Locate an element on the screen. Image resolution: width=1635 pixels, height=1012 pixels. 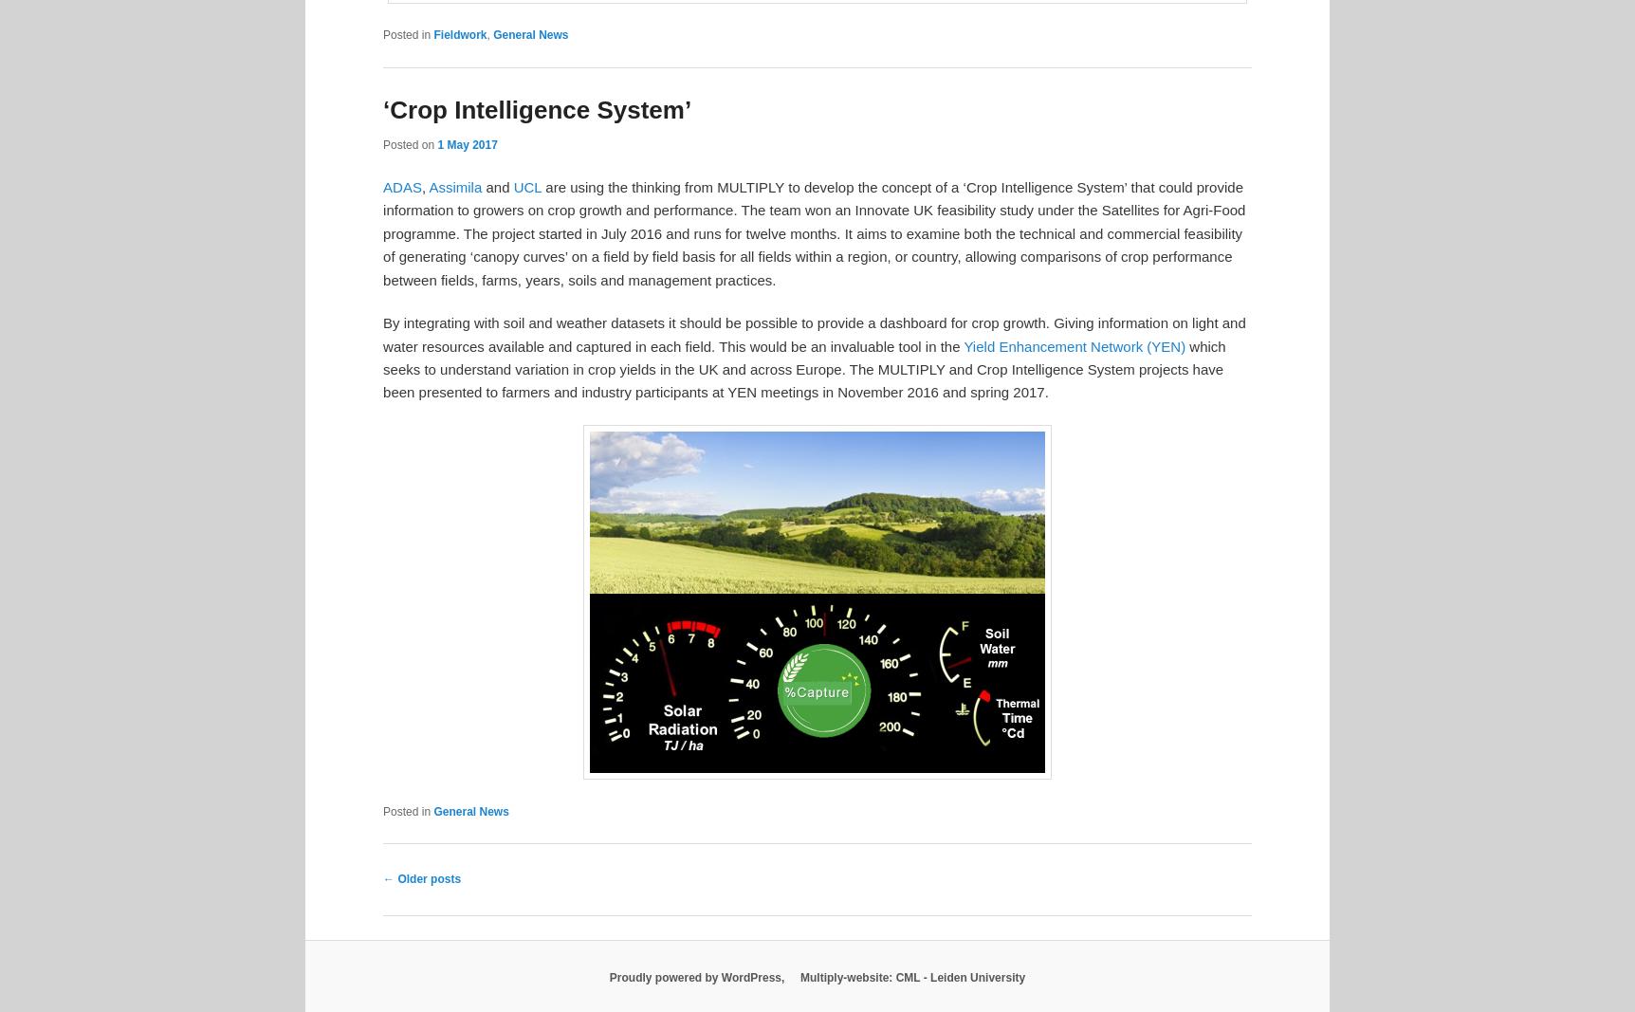
'ADAS' is located at coordinates (400, 187).